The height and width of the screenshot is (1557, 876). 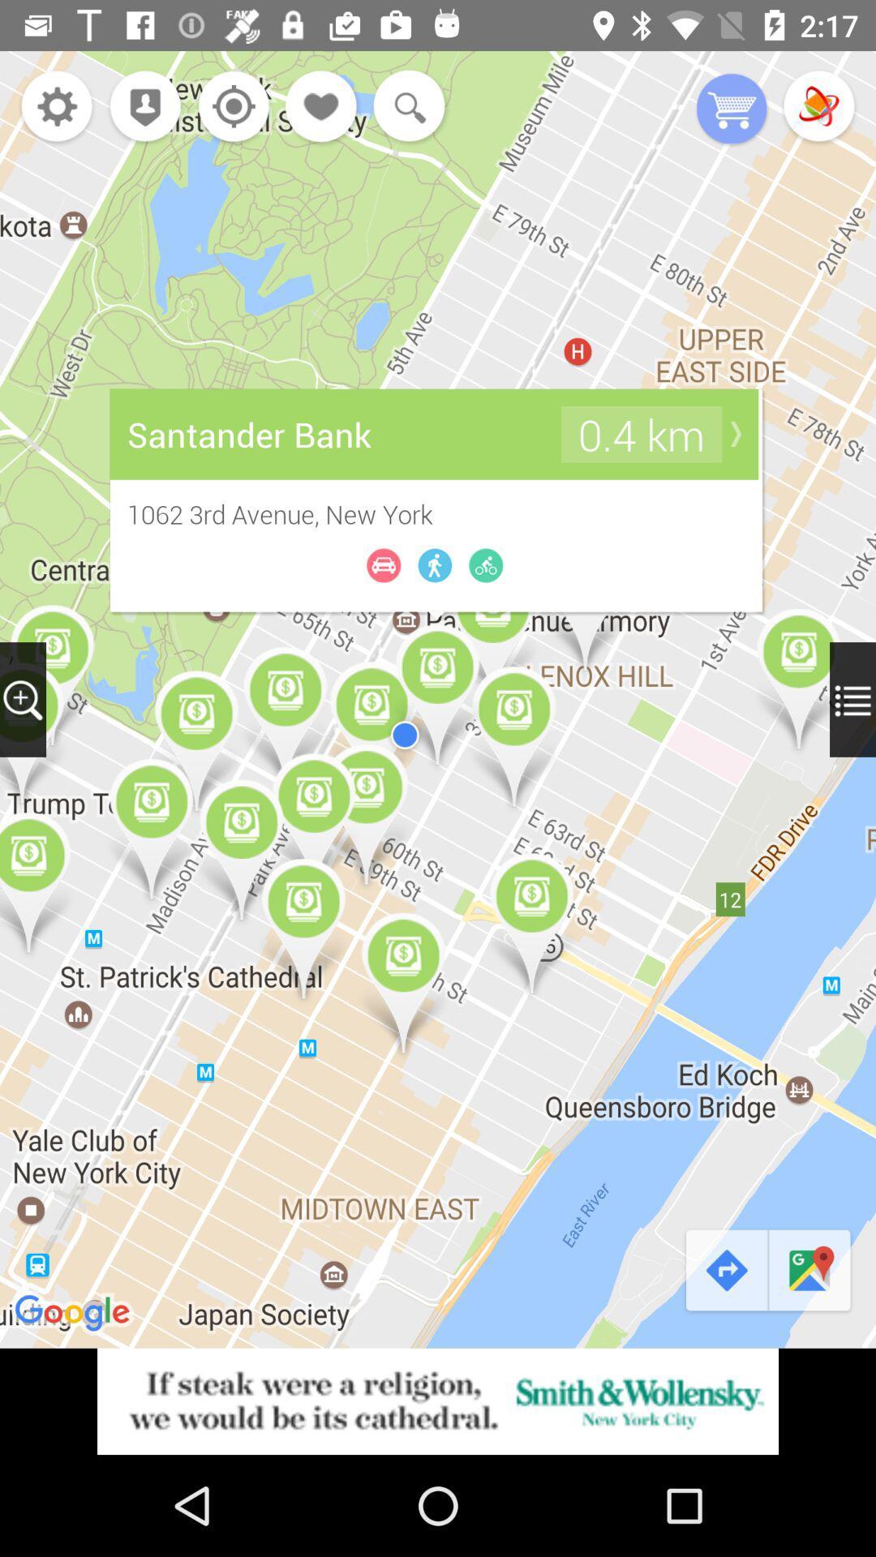 I want to click on zoom button, so click(x=23, y=699).